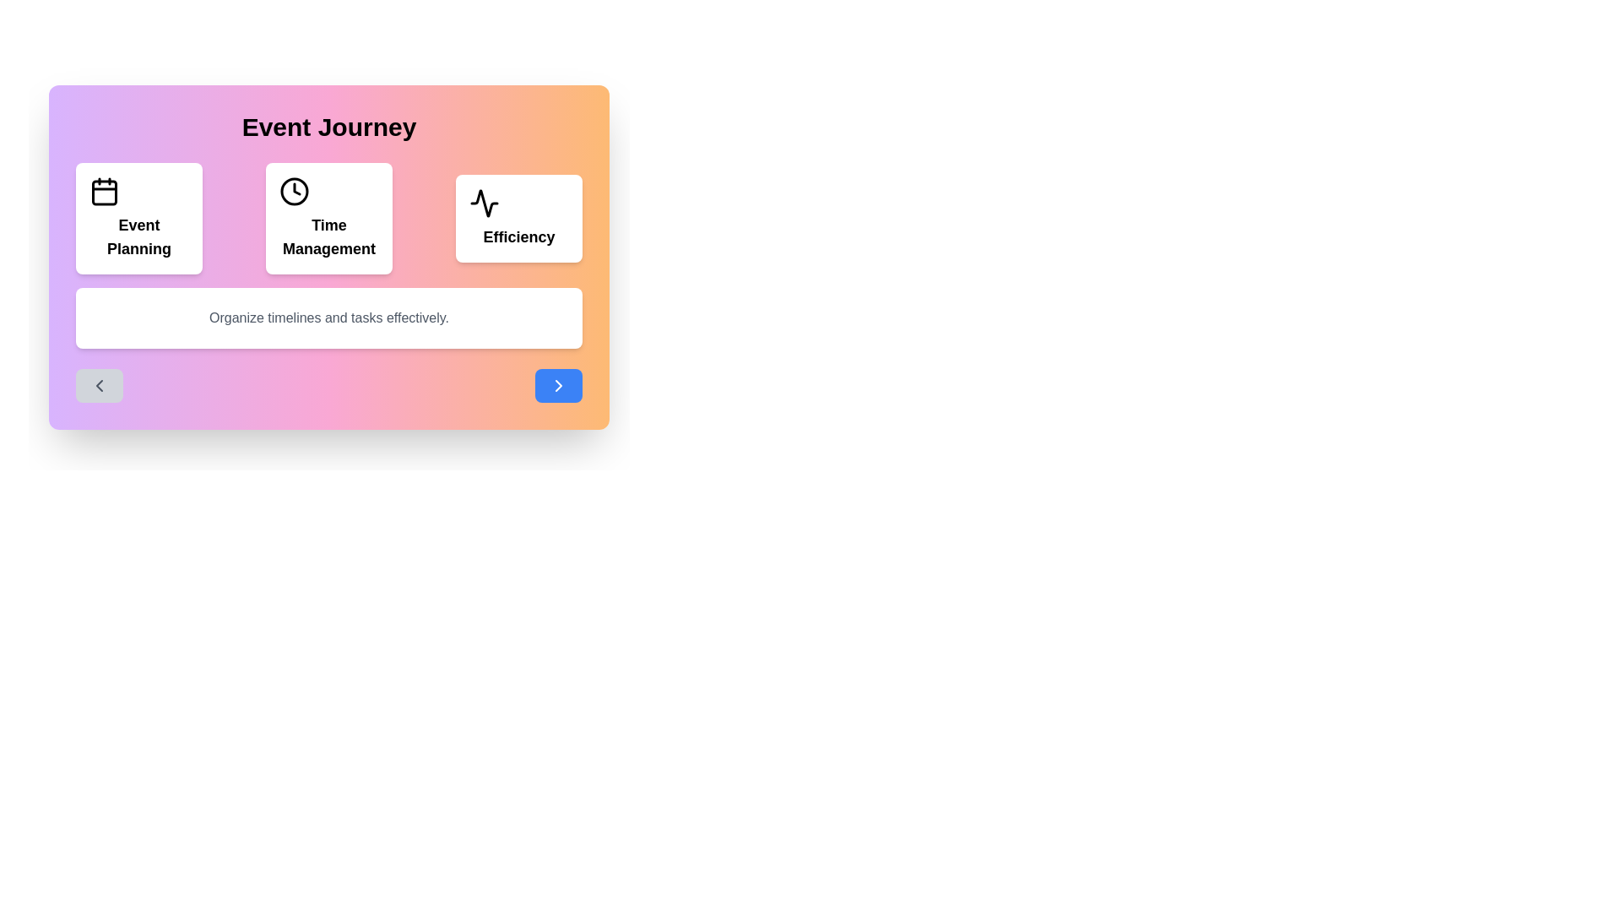  Describe the element at coordinates (138, 217) in the screenshot. I see `the event card representing Event Planning` at that location.